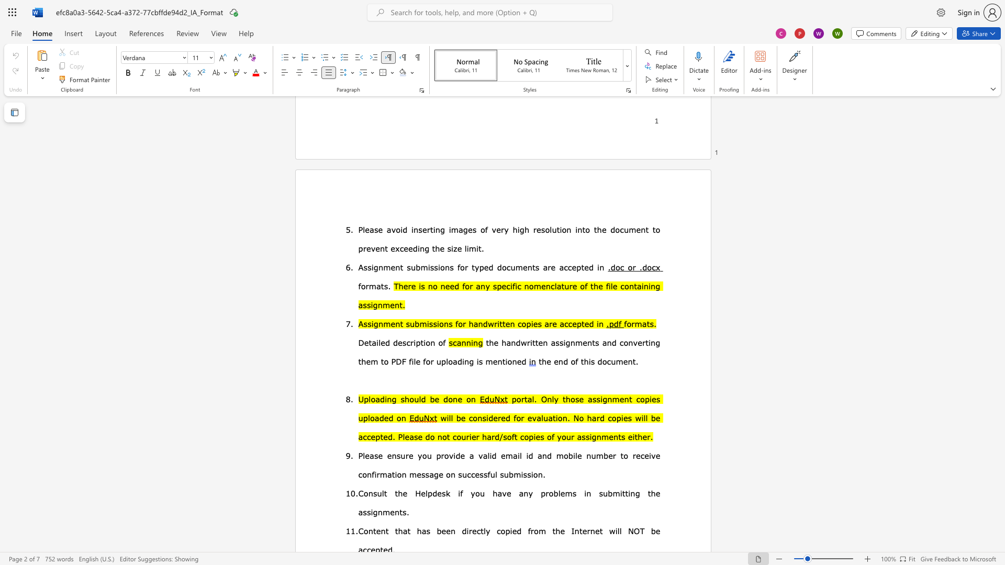  Describe the element at coordinates (601, 493) in the screenshot. I see `the 1th character "s" in the text` at that location.